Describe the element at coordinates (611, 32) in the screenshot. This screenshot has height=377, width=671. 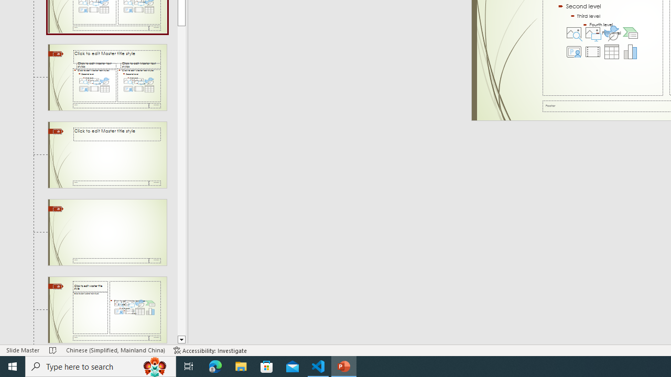
I see `'Insert an Icon'` at that location.